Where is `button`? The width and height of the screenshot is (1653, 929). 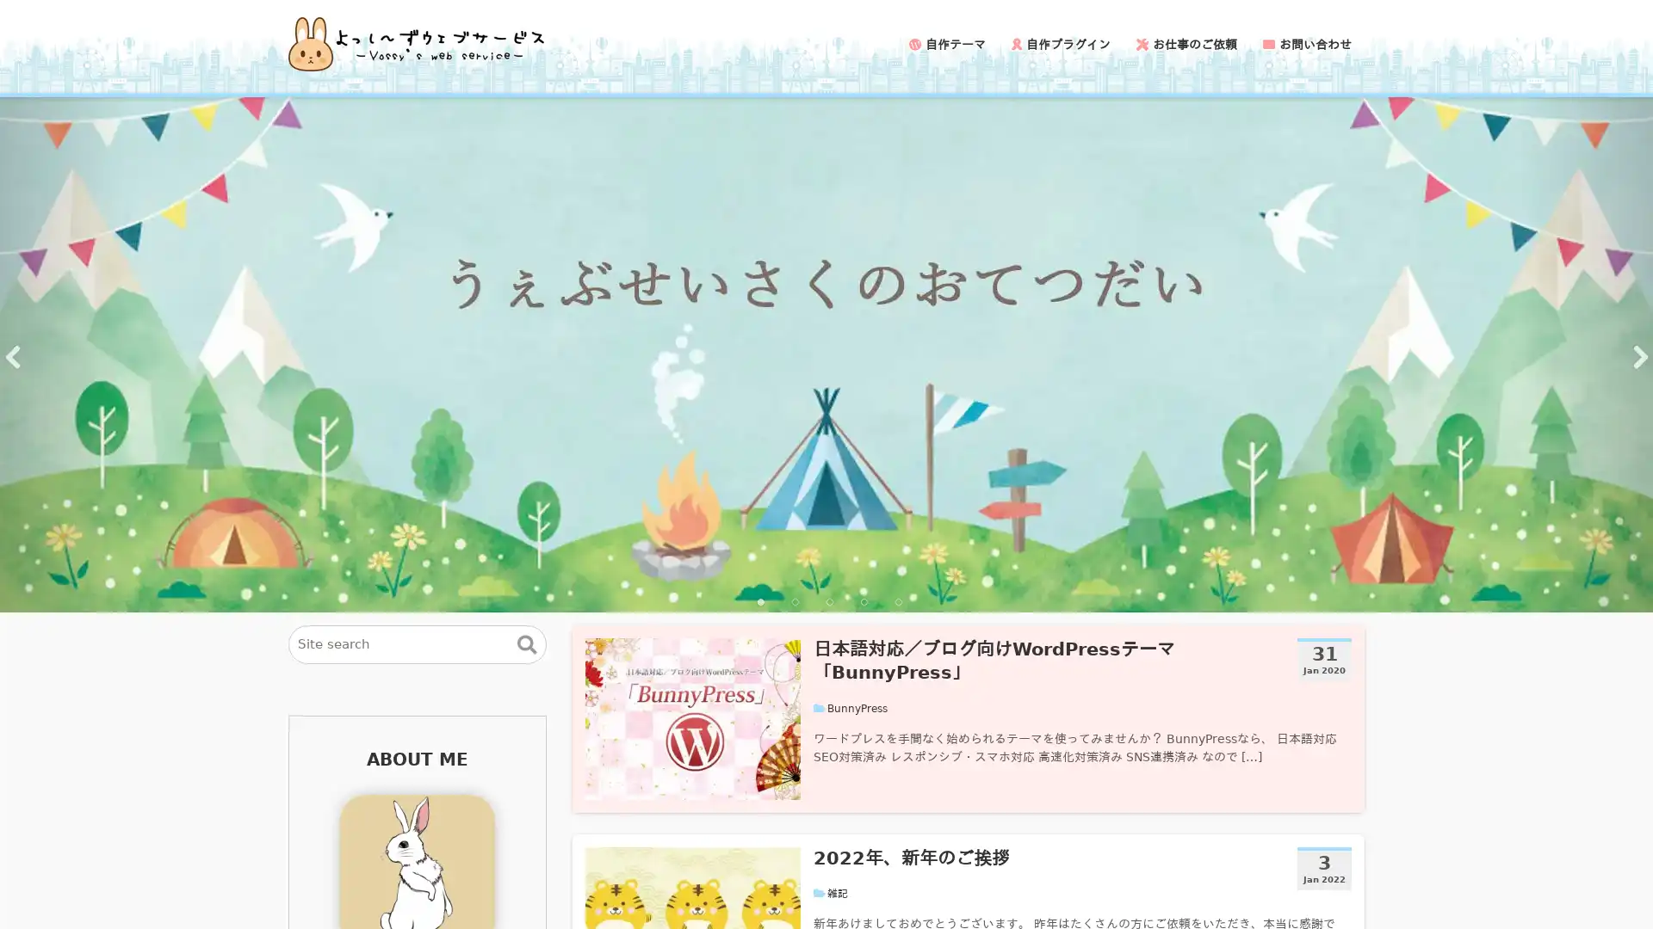
button is located at coordinates (526, 643).